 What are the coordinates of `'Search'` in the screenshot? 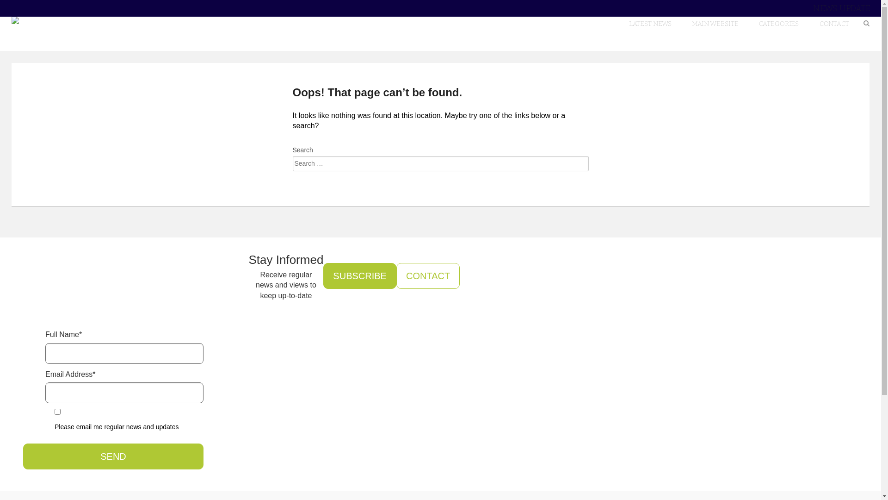 It's located at (32, 16).